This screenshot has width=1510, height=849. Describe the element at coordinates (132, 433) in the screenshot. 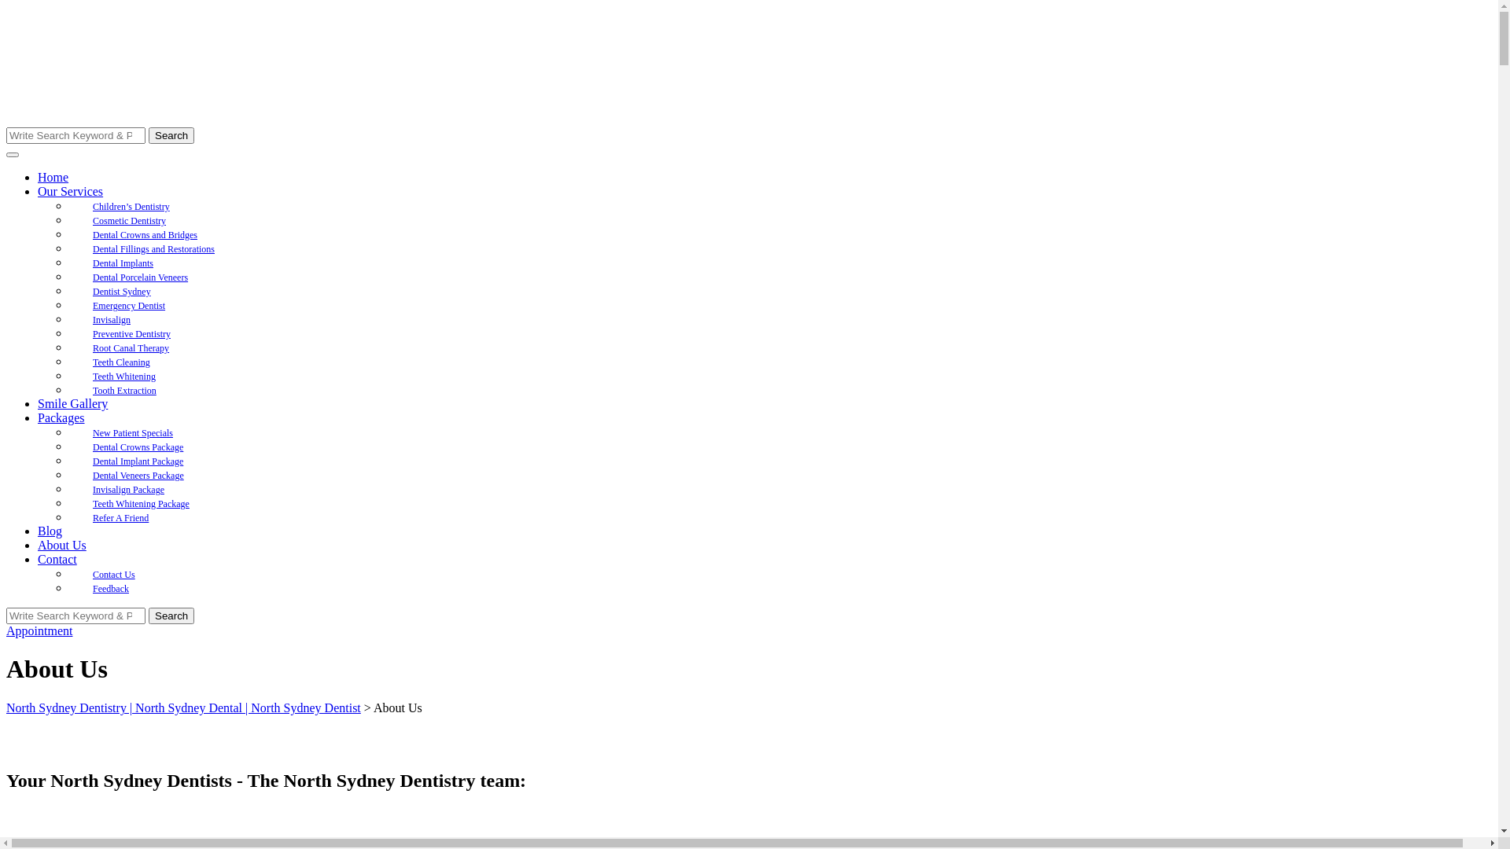

I see `'New Patient Specials'` at that location.